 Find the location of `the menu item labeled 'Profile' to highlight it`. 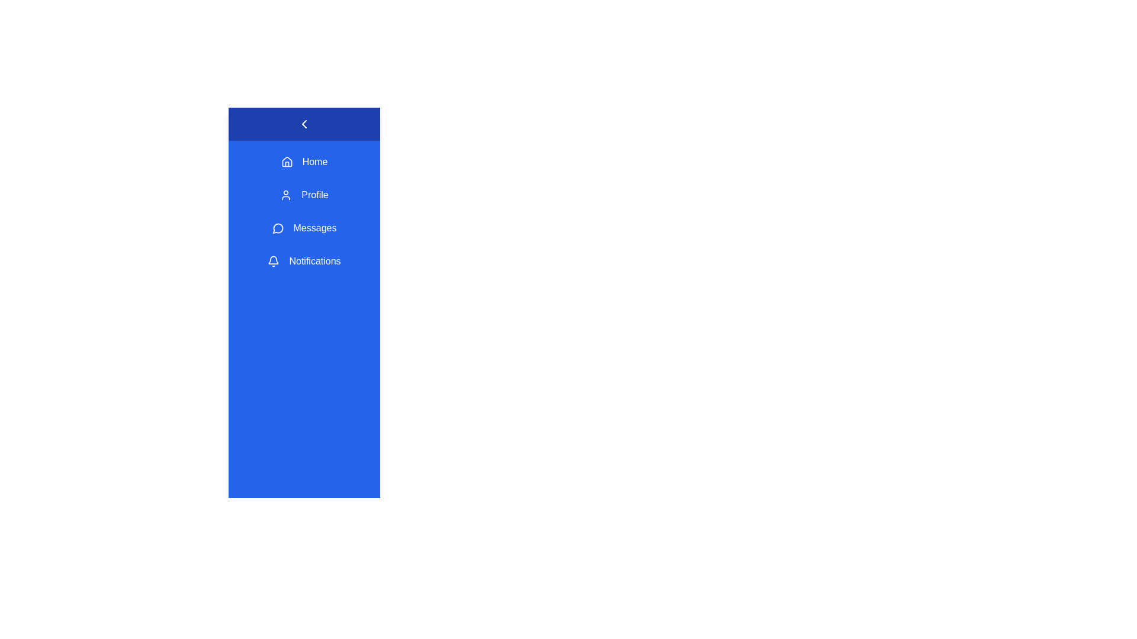

the menu item labeled 'Profile' to highlight it is located at coordinates (304, 195).